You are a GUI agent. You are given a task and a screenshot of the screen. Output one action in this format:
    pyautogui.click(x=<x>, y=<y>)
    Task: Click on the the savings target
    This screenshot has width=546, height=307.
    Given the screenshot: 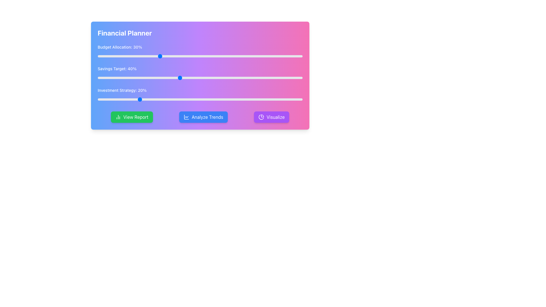 What is the action you would take?
    pyautogui.click(x=183, y=78)
    